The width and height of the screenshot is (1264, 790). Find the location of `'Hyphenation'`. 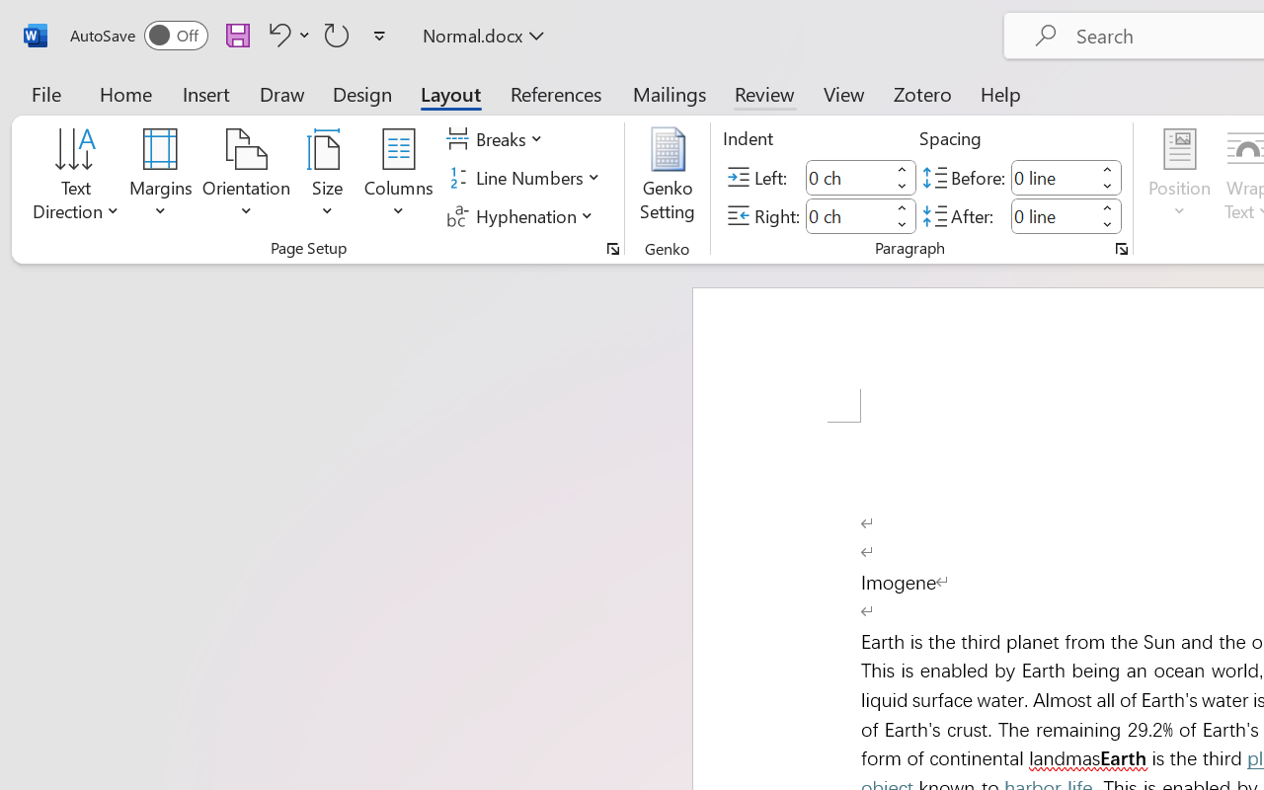

'Hyphenation' is located at coordinates (522, 215).